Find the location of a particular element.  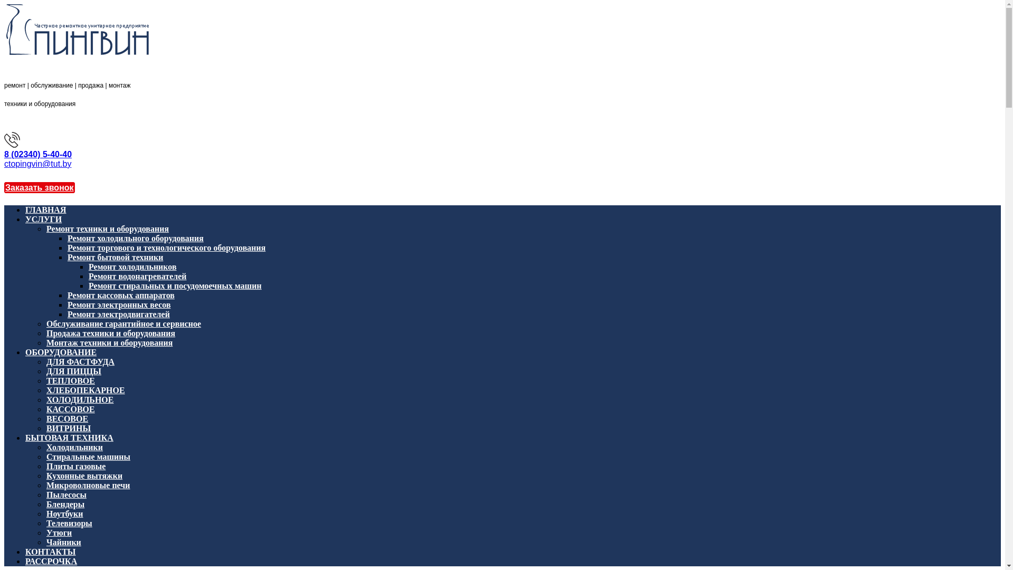

'ctopingvin@tut.by' is located at coordinates (37, 164).